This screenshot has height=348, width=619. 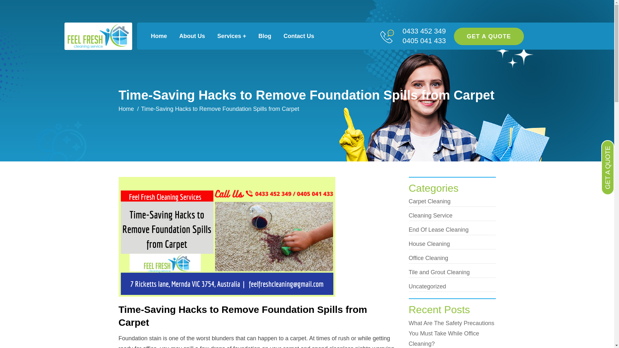 What do you see at coordinates (452, 286) in the screenshot?
I see `'Uncategorized'` at bounding box center [452, 286].